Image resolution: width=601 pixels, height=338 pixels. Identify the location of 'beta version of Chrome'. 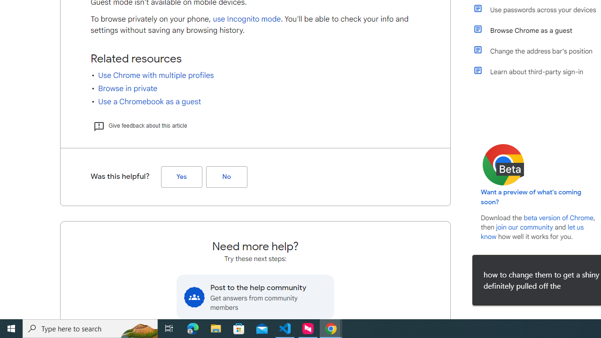
(558, 218).